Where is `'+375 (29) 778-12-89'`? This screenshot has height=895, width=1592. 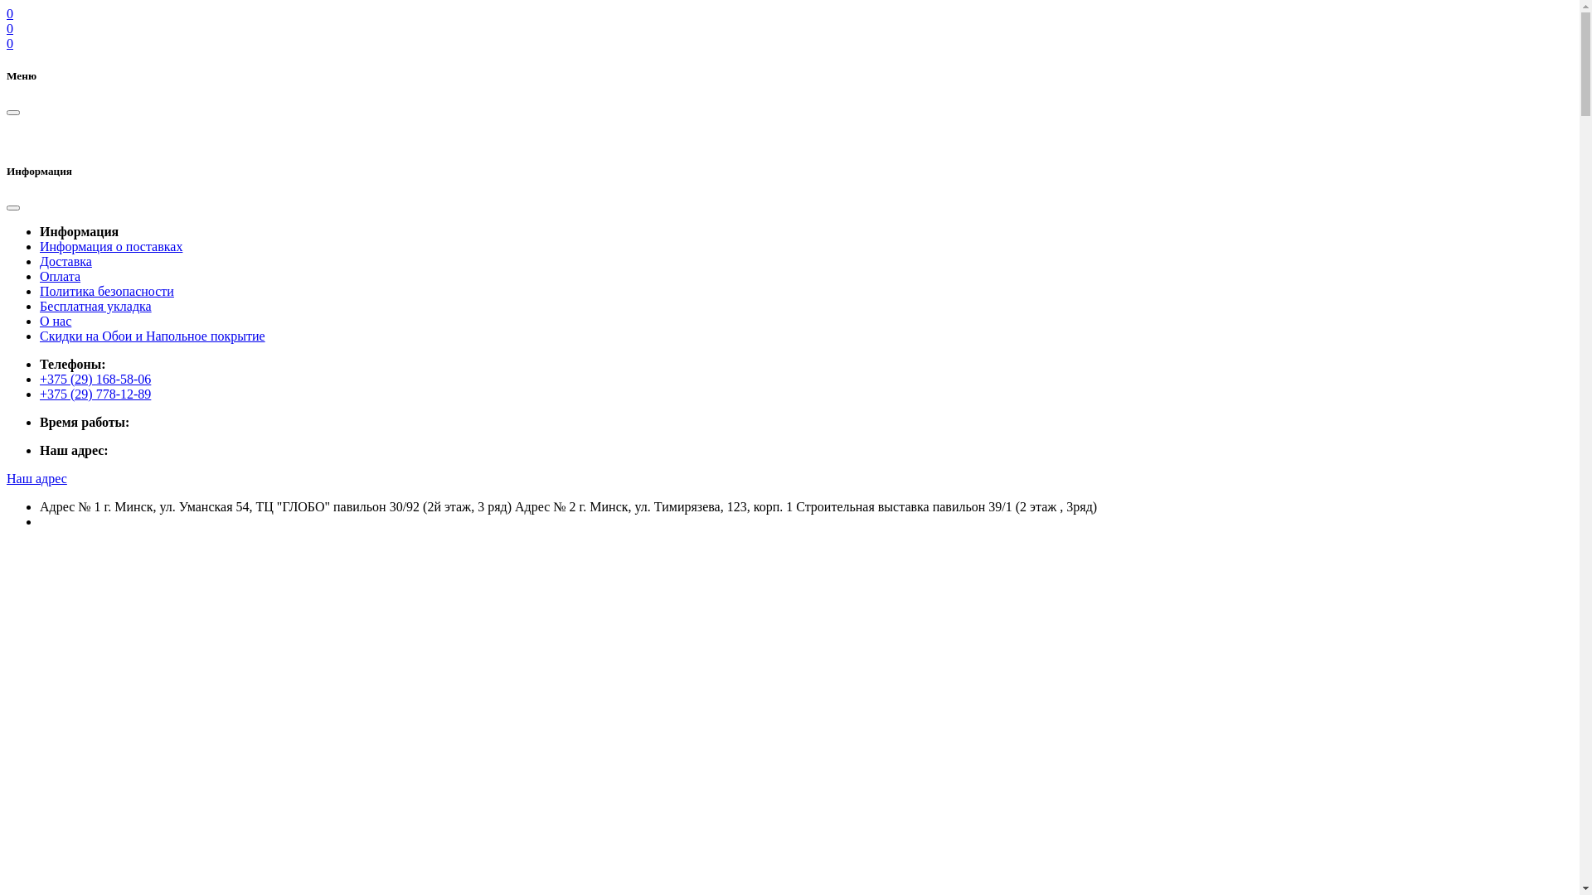 '+375 (29) 778-12-89' is located at coordinates (40, 394).